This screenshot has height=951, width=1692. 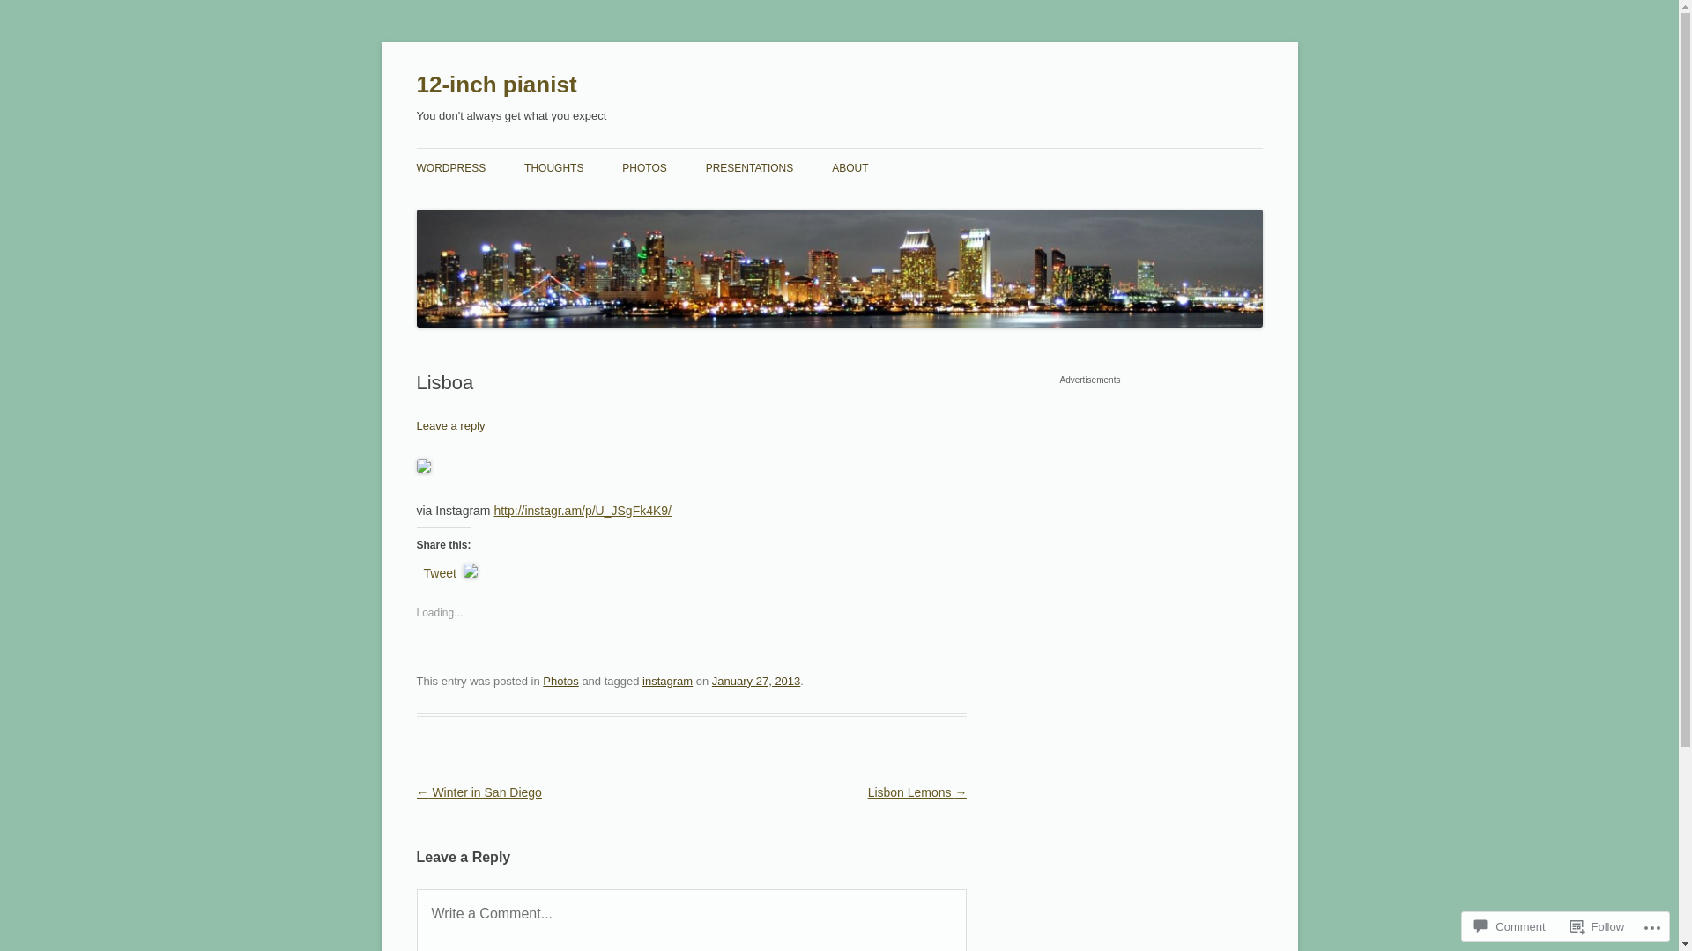 I want to click on '12-inch pianist', so click(x=494, y=85).